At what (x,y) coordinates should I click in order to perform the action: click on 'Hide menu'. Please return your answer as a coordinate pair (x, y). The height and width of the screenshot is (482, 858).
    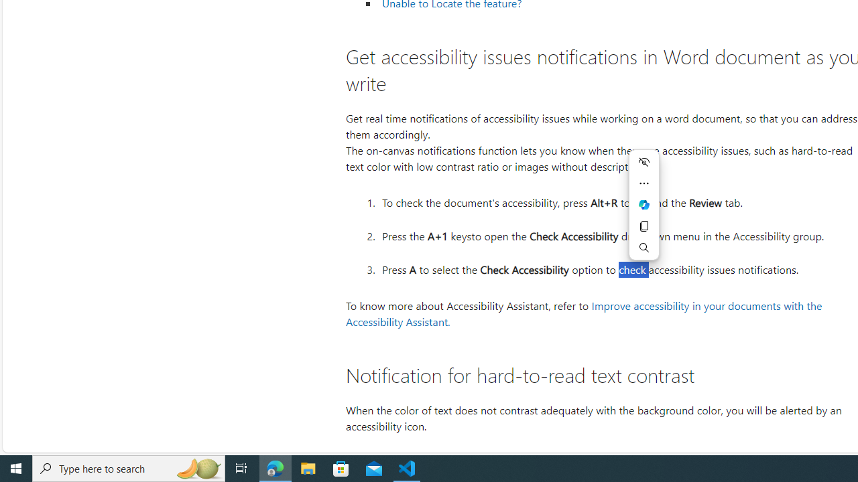
    Looking at the image, I should click on (644, 161).